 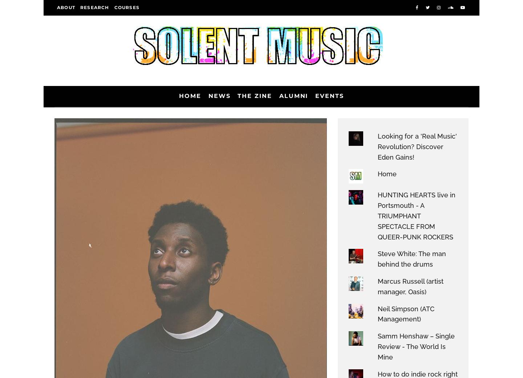 I want to click on 'Samm Henshaw – Single Review - The World Is Mine', so click(x=415, y=346).